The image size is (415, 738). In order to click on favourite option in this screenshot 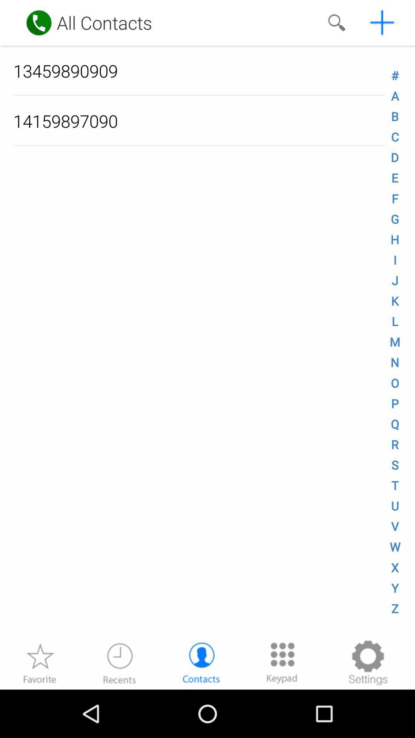, I will do `click(40, 662)`.